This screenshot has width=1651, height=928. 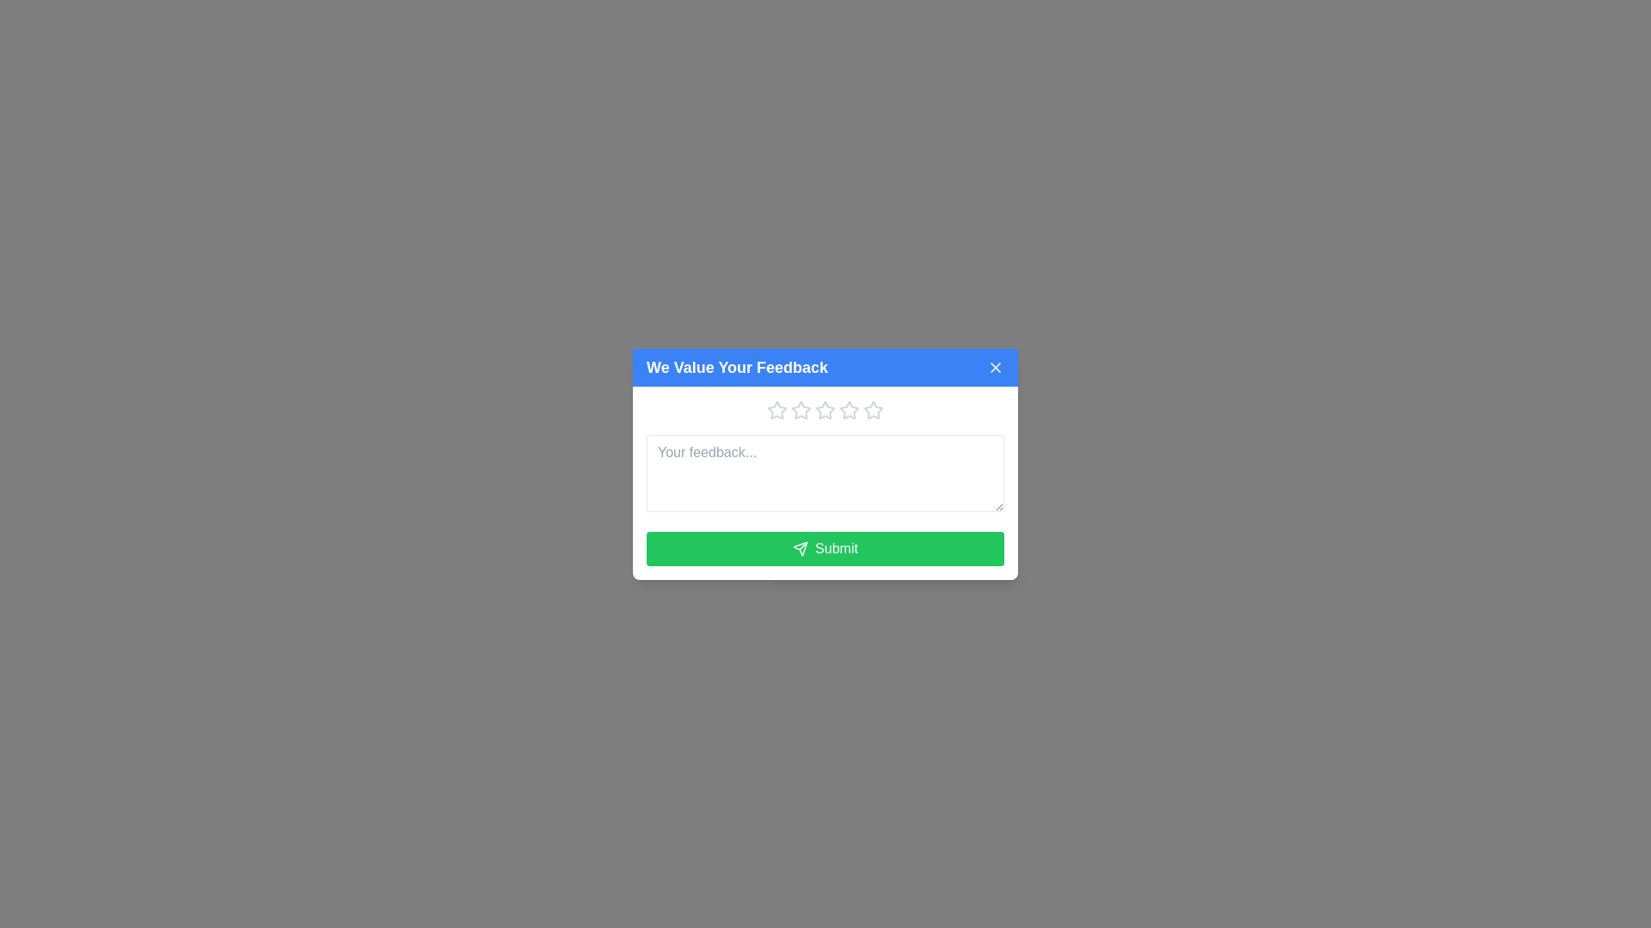 What do you see at coordinates (737, 366) in the screenshot?
I see `the heading text element that serves as the title for the feedback dialog, which is centrally aligned at the top section of the dialog` at bounding box center [737, 366].